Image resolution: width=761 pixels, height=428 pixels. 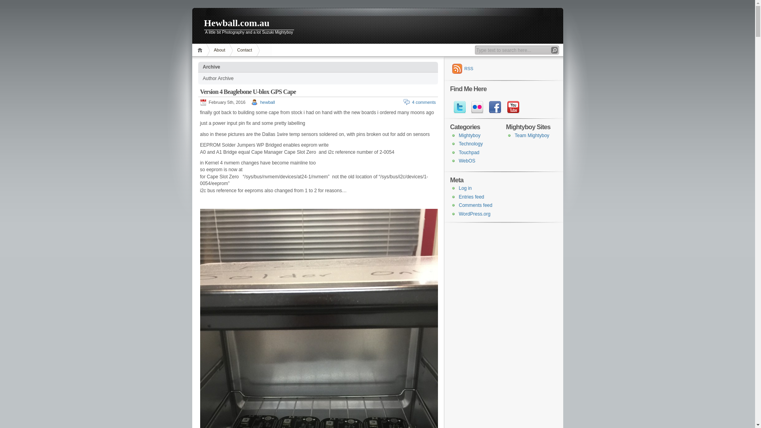 I want to click on 'About', so click(x=220, y=50).